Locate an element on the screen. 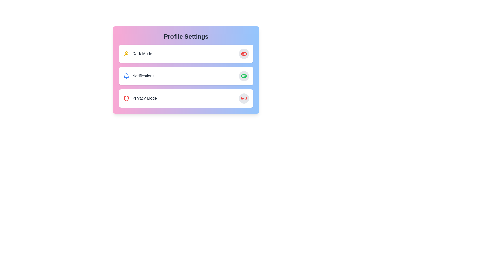 The width and height of the screenshot is (487, 274). the toggle switch labeled 'dark Mode' in the 'Profile Settings' panel is located at coordinates (244, 54).